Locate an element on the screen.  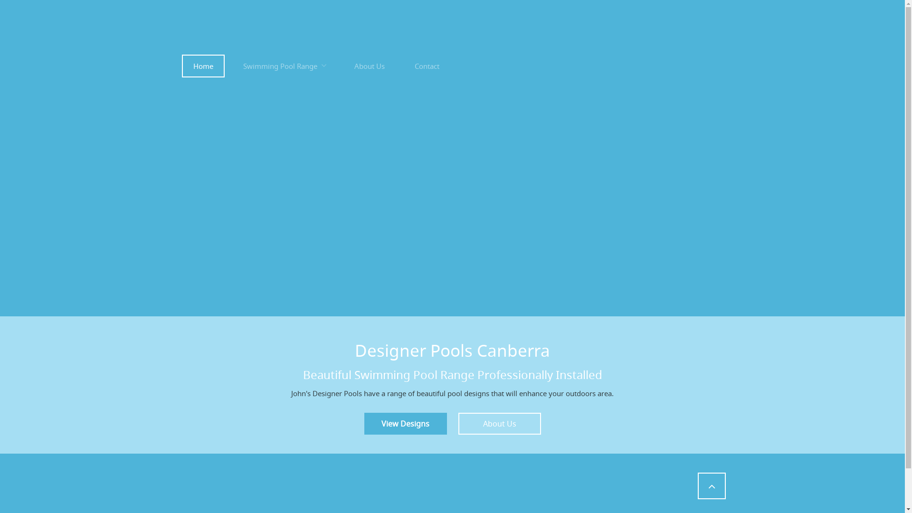
'Home' is located at coordinates (202, 65).